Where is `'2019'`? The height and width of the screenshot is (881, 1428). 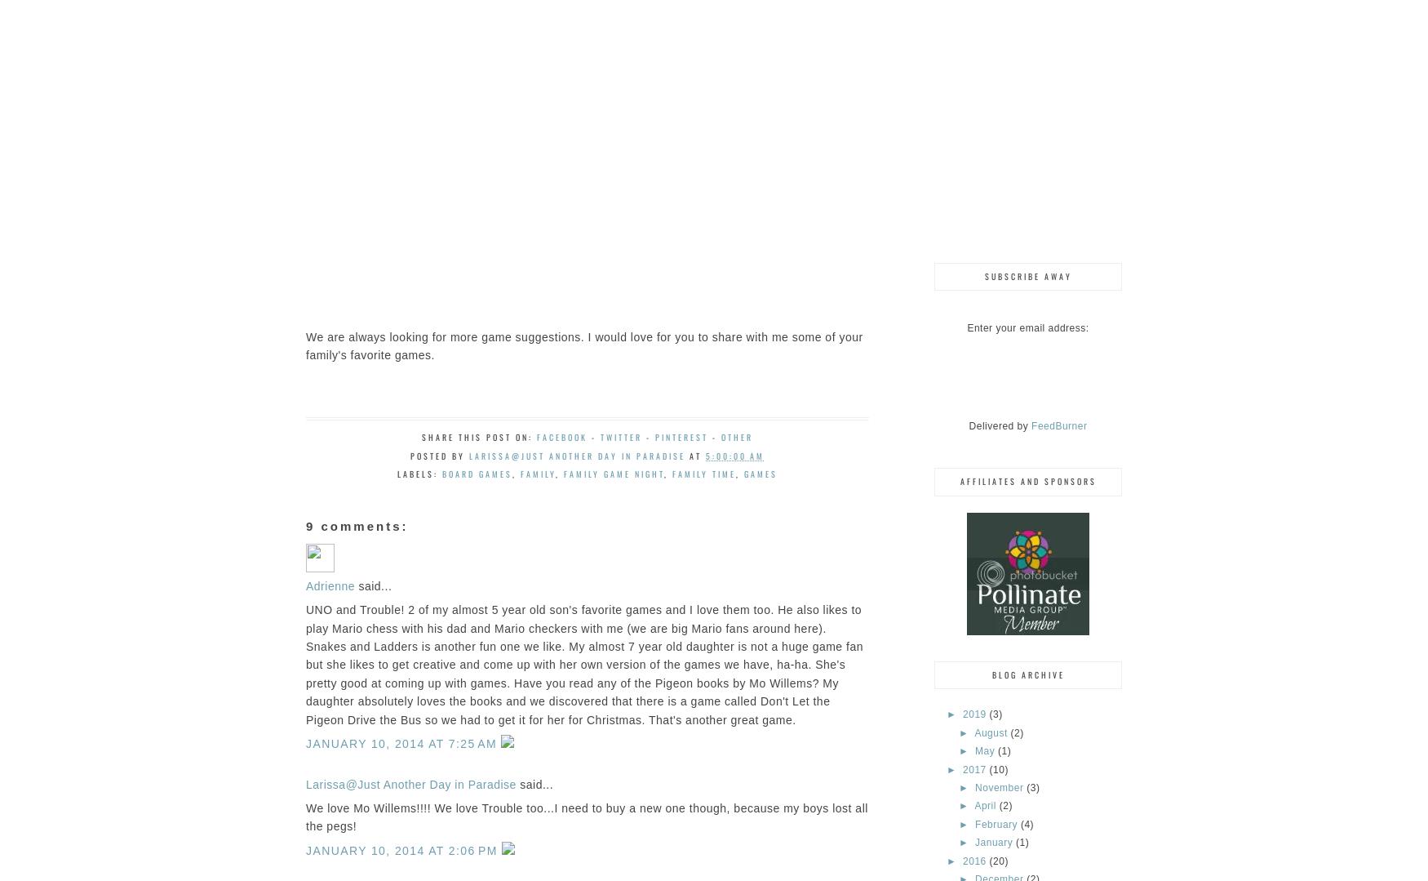 '2019' is located at coordinates (975, 713).